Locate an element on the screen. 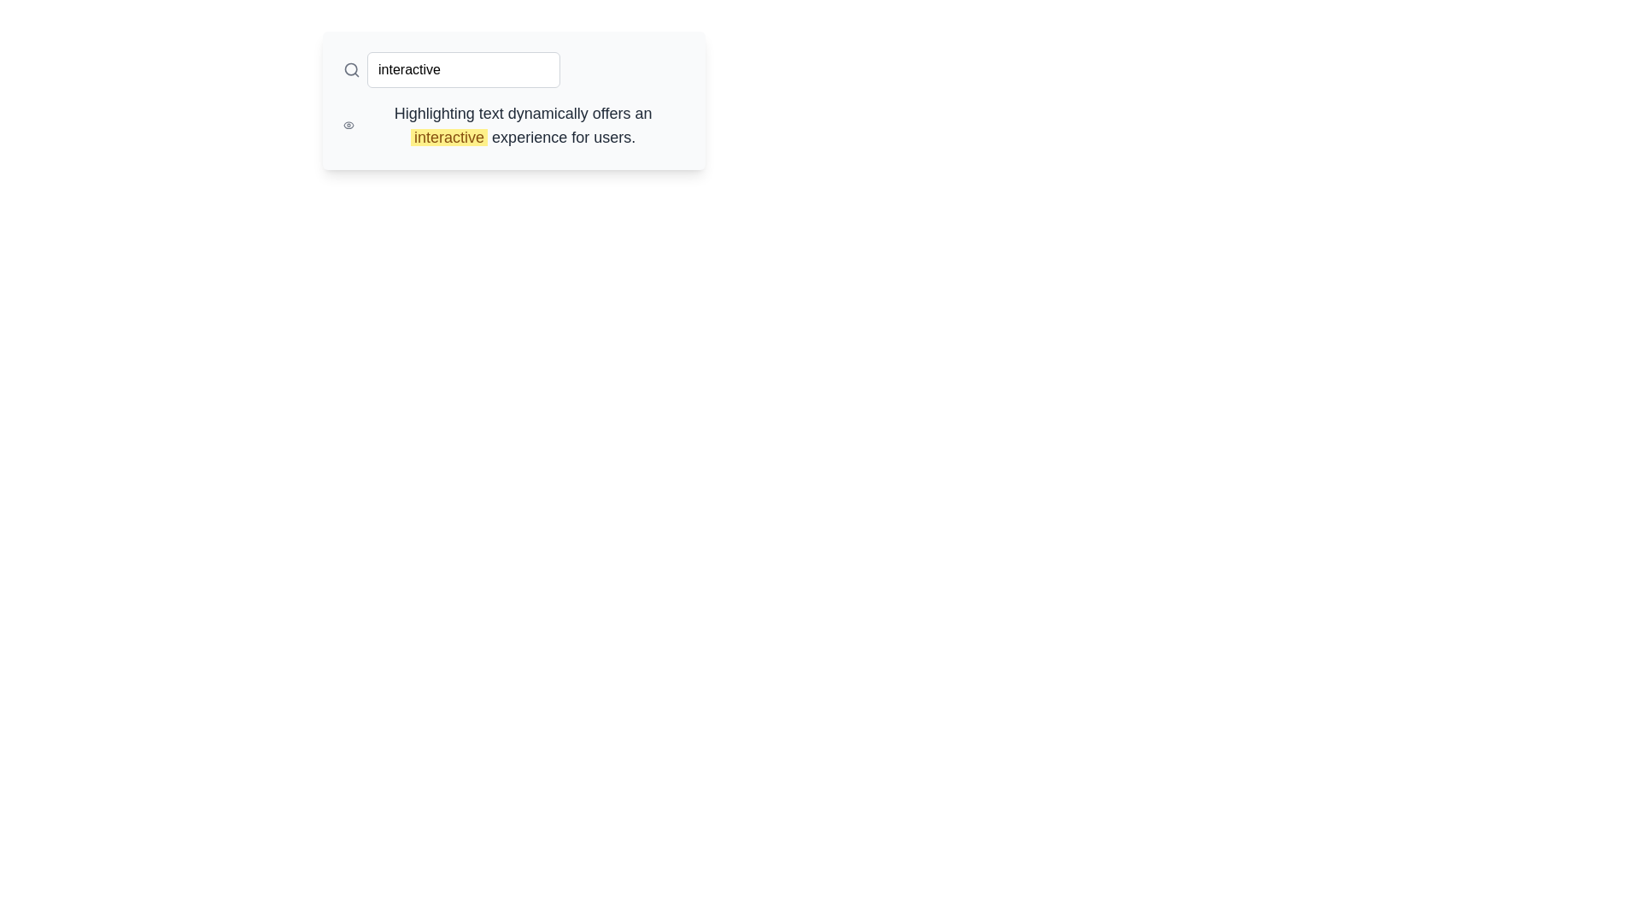  text content displayed in the text display component located directly below the search bar, which highlights the word 'interactive' is located at coordinates (512, 124).